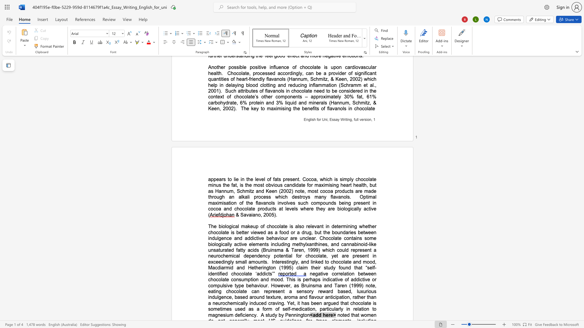 This screenshot has height=328, width=584. Describe the element at coordinates (349, 185) in the screenshot. I see `the 4th character "r" in the text` at that location.